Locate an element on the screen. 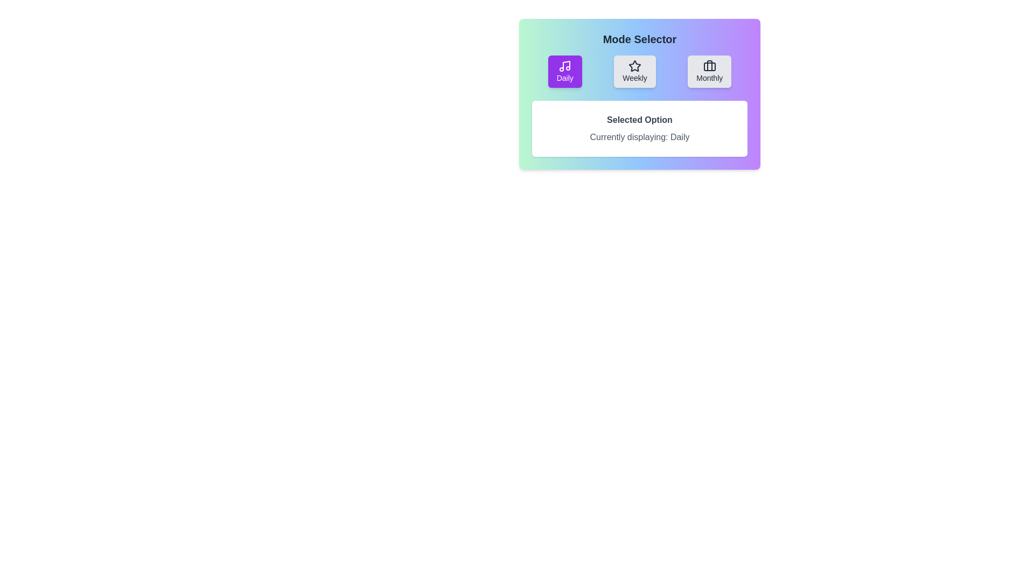 The height and width of the screenshot is (582, 1034). the text label that indicates the button for setting the application mode to weekly, which is located under the star icon in the second button of a horizontal row of three buttons is located at coordinates (635, 78).